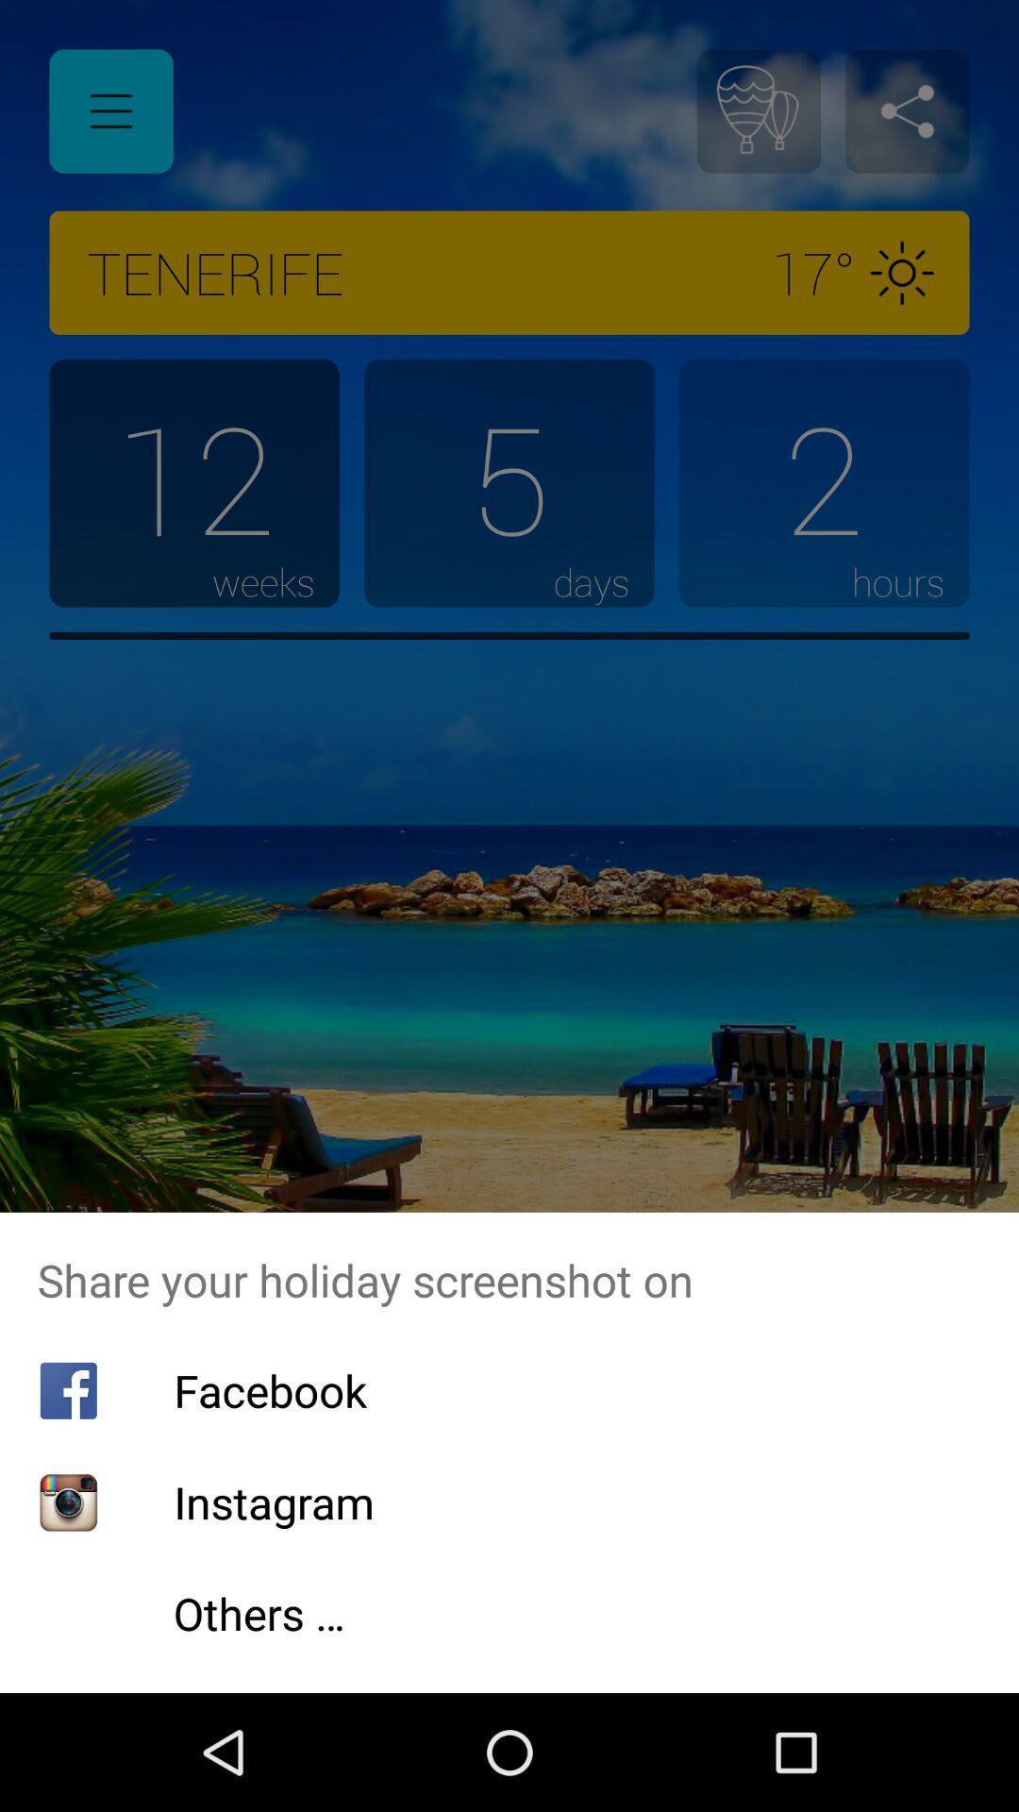 The height and width of the screenshot is (1812, 1019). Describe the element at coordinates (906, 110) in the screenshot. I see `the share icon` at that location.